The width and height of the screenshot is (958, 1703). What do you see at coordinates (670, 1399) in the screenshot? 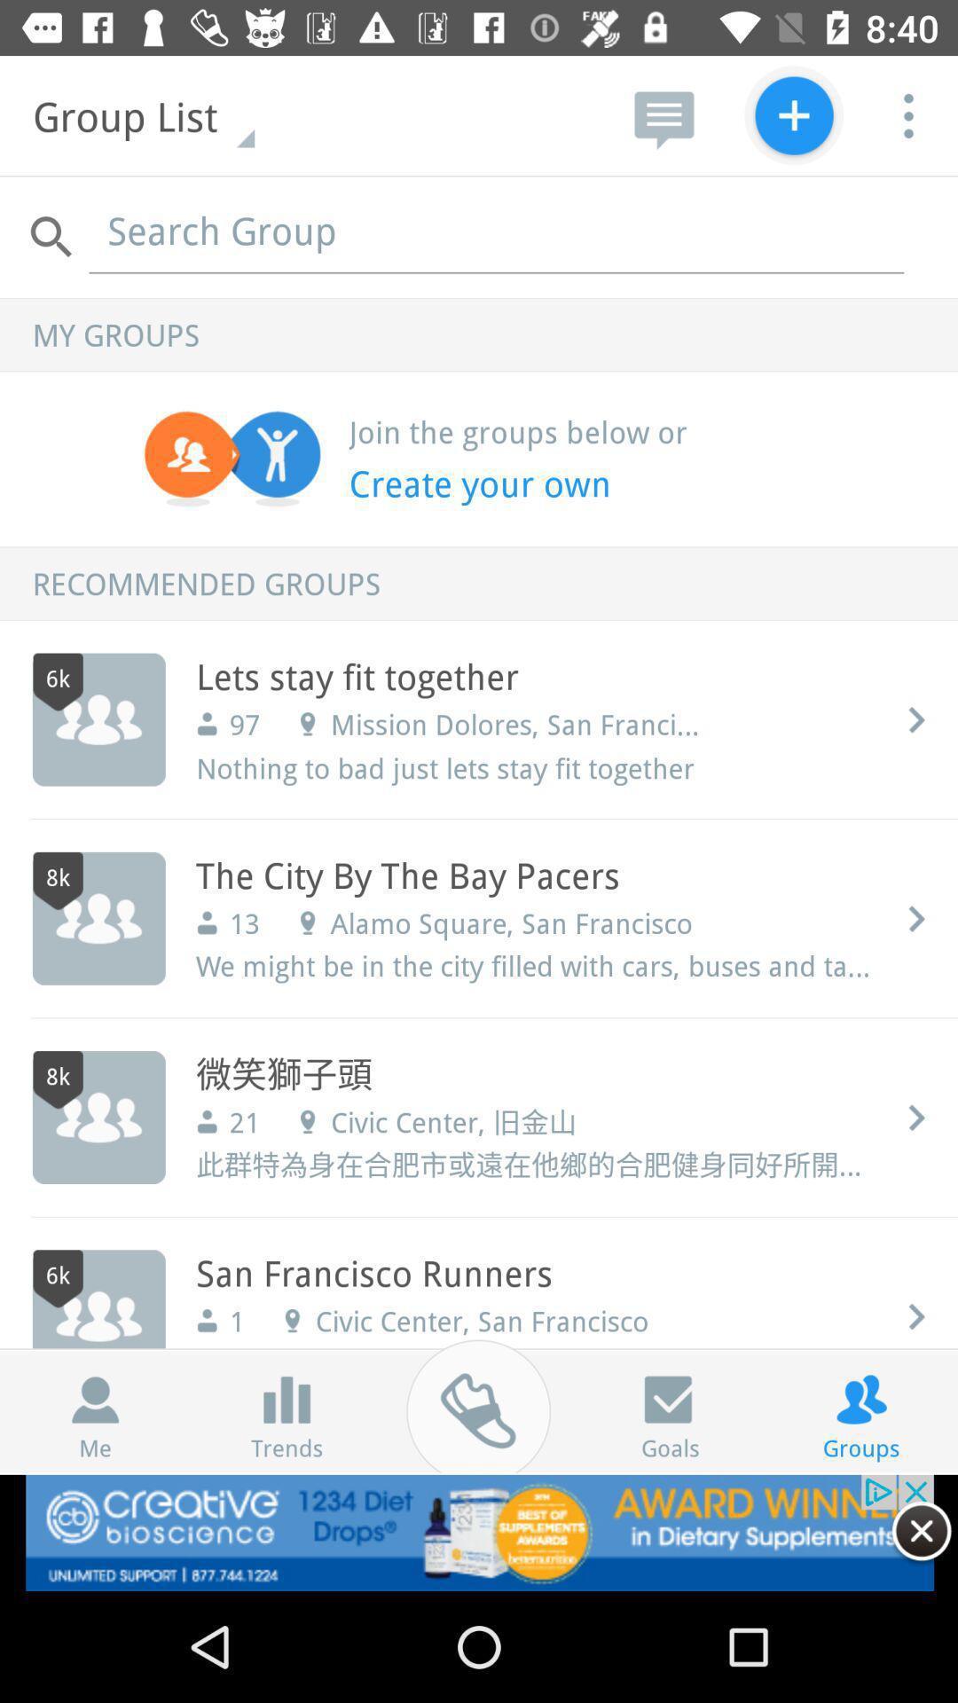
I see `the check icon` at bounding box center [670, 1399].